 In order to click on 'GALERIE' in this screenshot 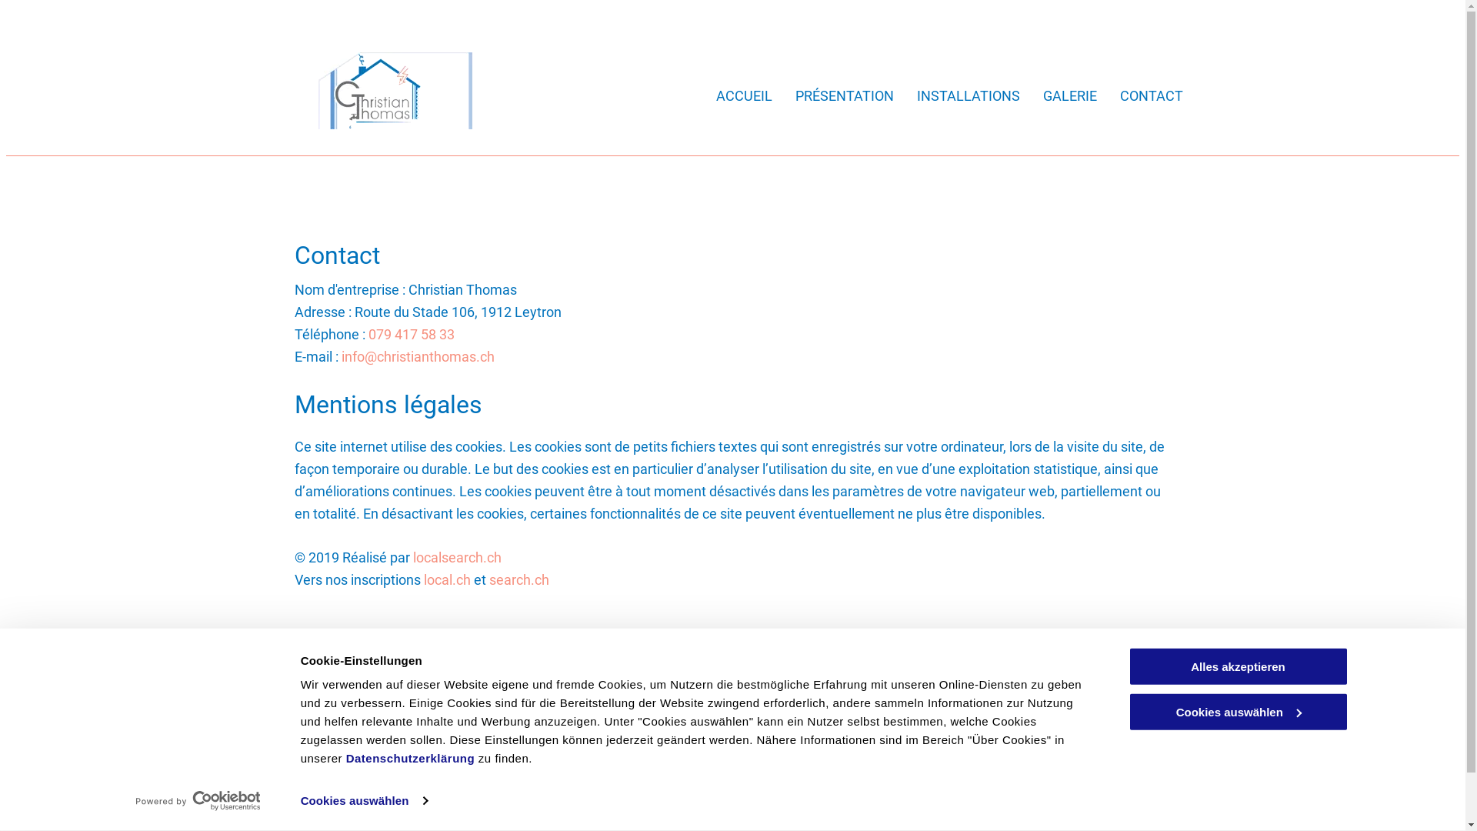, I will do `click(1069, 95)`.